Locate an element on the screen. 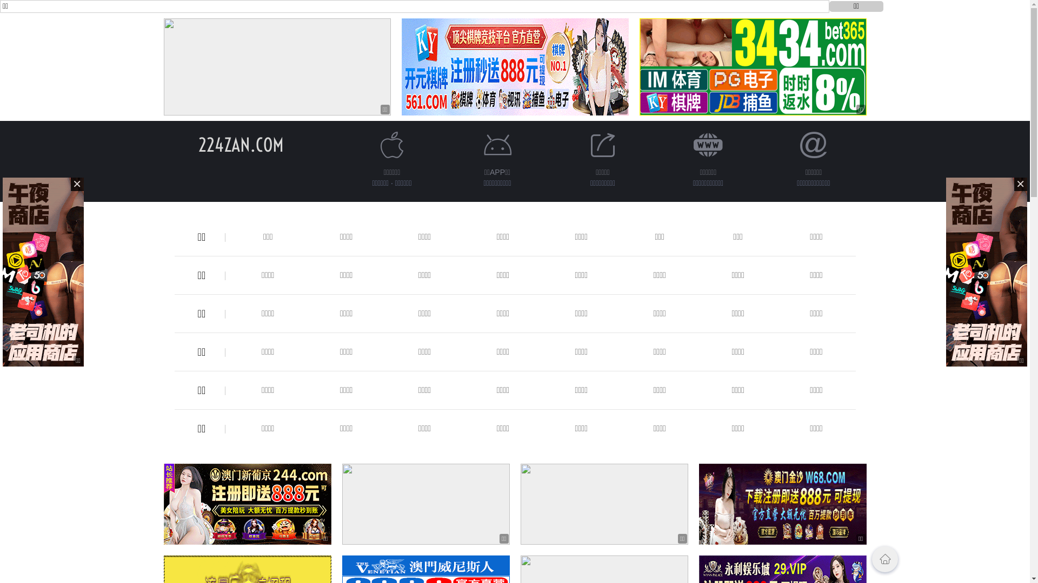 The image size is (1038, 583). '224ZAN.COM' is located at coordinates (240, 144).